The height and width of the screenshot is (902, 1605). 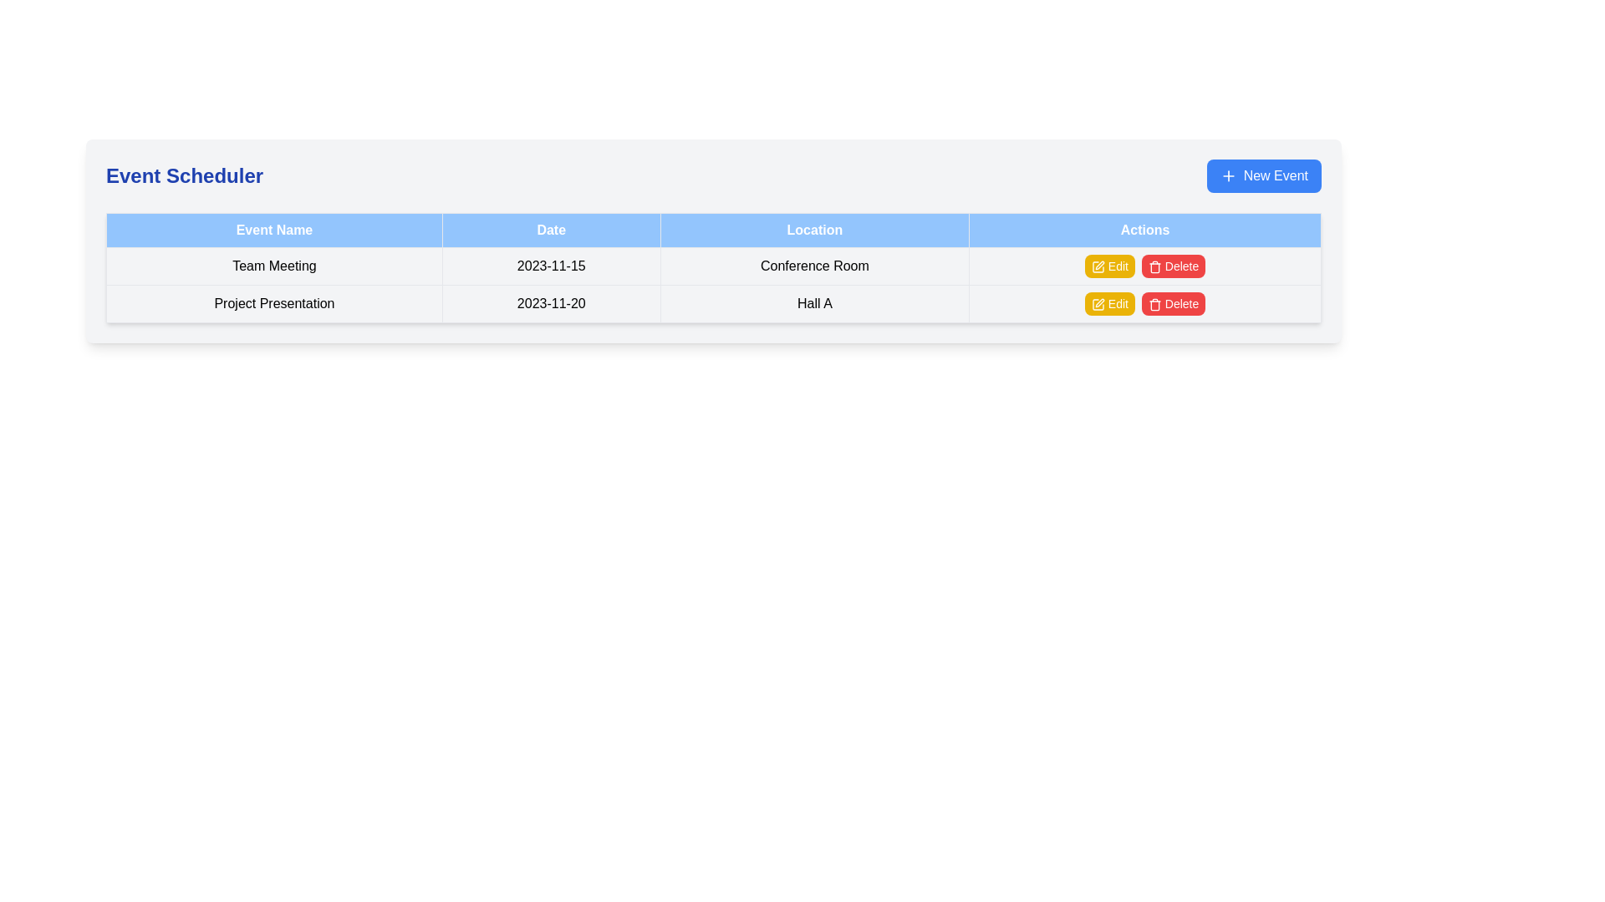 I want to click on the 'Edit' button in the 'Actions' column of the table for the 'Project Presentation' event to initiate editing, so click(x=1098, y=305).